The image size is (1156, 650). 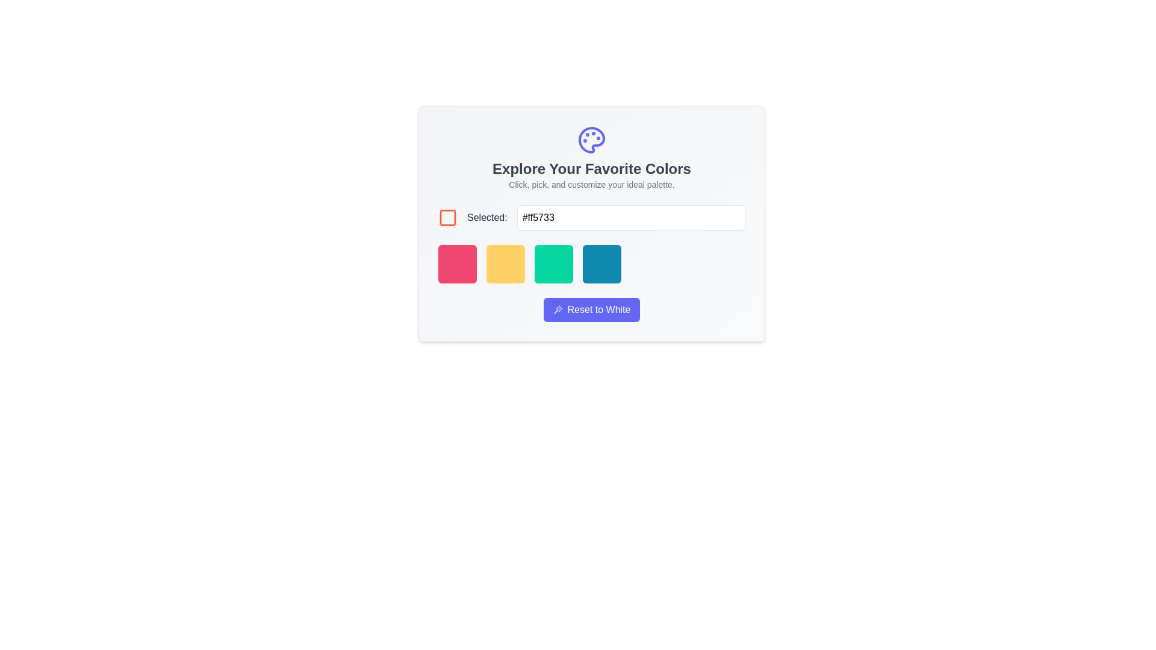 What do you see at coordinates (592, 309) in the screenshot?
I see `the reset button located at the bottom center of the 'Explore Your Favorite Colors' panel to reset the selected color to white` at bounding box center [592, 309].